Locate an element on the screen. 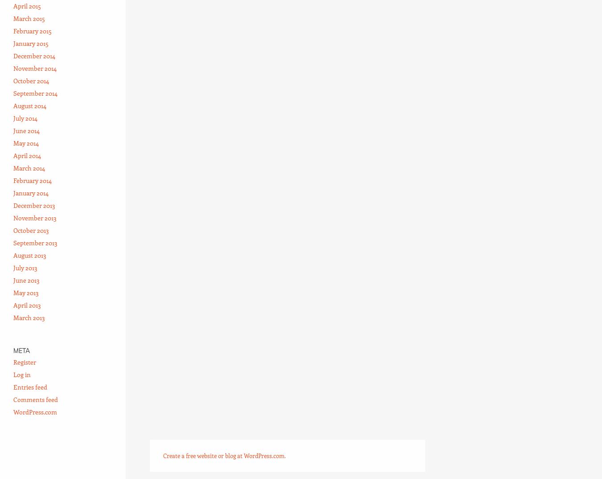 This screenshot has height=479, width=602. 'March 2013' is located at coordinates (29, 317).